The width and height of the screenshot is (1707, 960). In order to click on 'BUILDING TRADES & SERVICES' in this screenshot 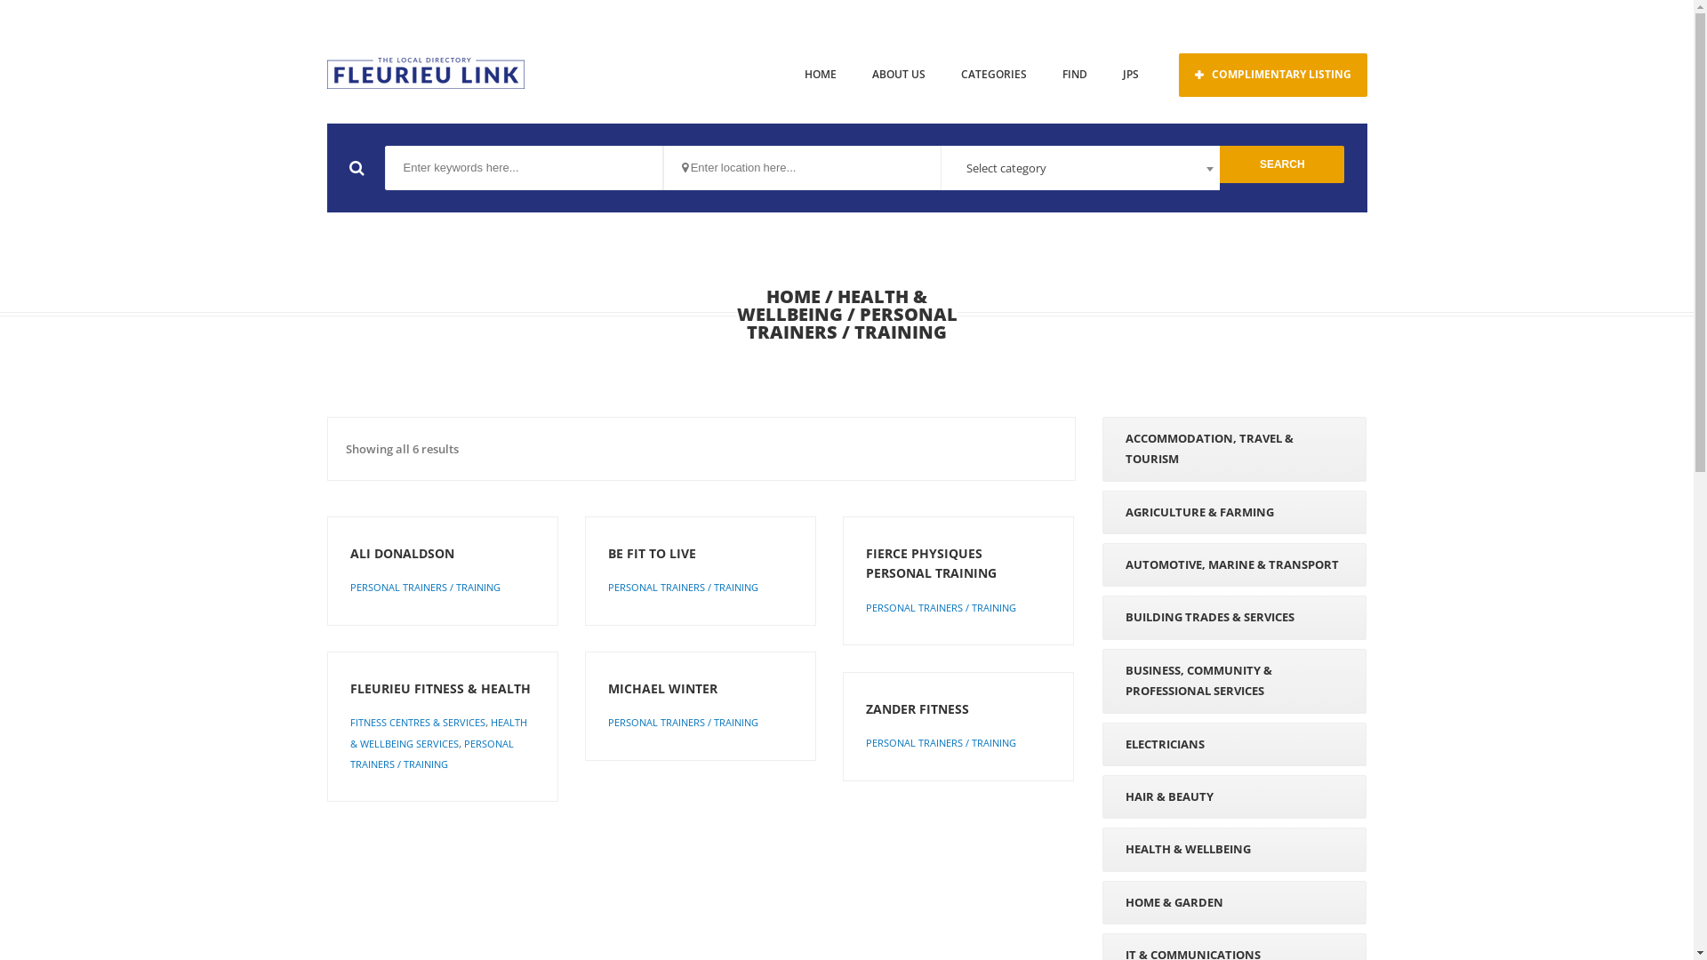, I will do `click(1233, 616)`.